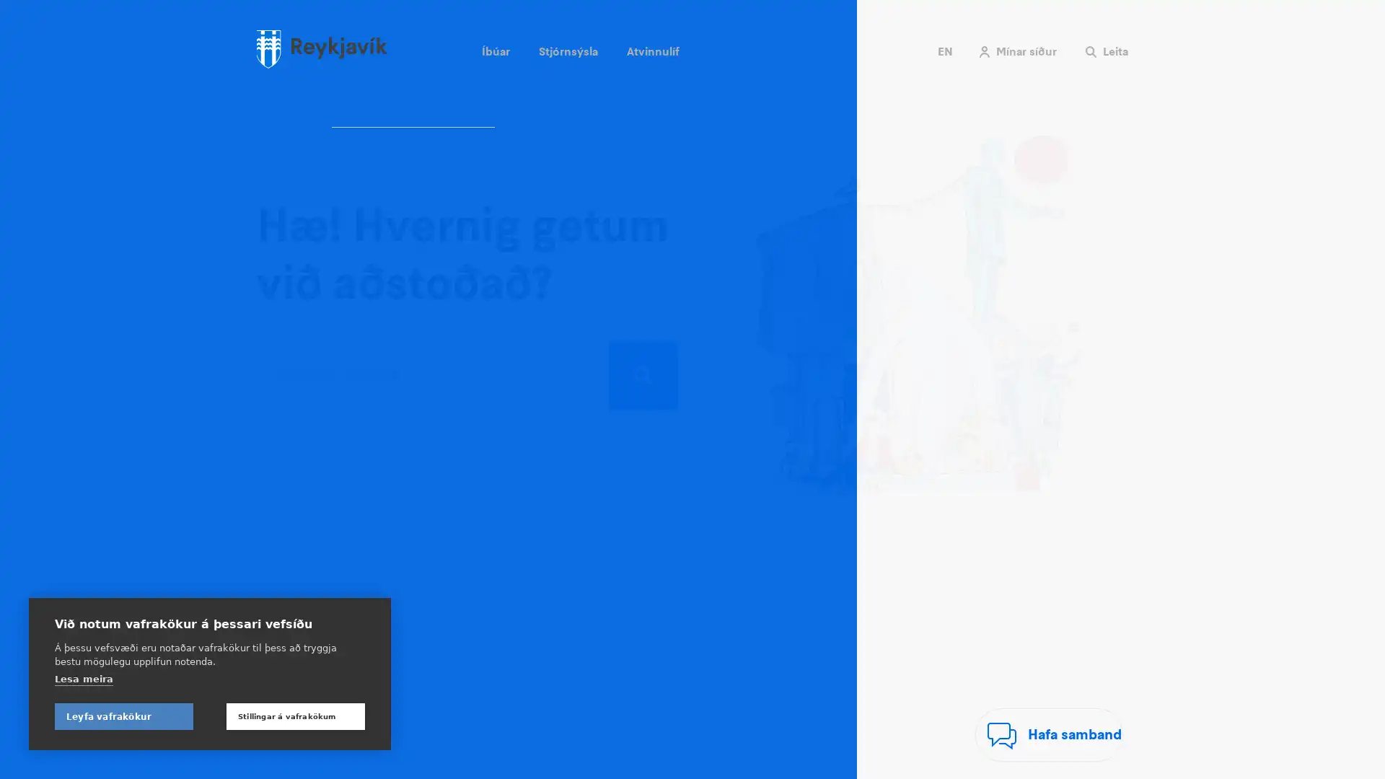 The image size is (1385, 779). What do you see at coordinates (496, 48) in the screenshot?
I see `Ibuar` at bounding box center [496, 48].